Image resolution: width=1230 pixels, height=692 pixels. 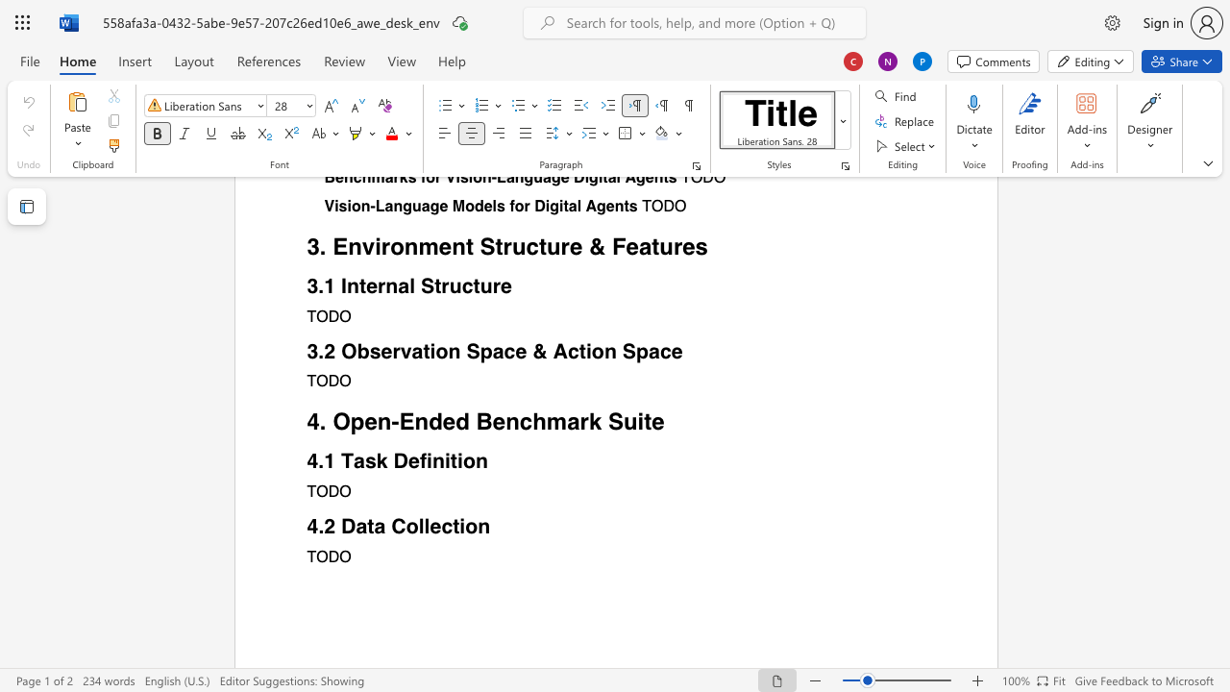 What do you see at coordinates (443, 460) in the screenshot?
I see `the subset text "itio" within the text "4.1 Task Definition"` at bounding box center [443, 460].